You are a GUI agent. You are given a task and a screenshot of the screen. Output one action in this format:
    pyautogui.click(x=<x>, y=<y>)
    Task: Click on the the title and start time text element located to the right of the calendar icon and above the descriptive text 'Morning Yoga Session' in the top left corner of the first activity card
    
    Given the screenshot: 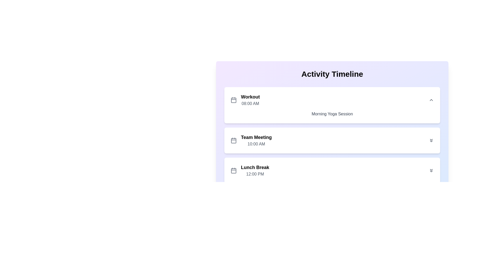 What is the action you would take?
    pyautogui.click(x=250, y=100)
    